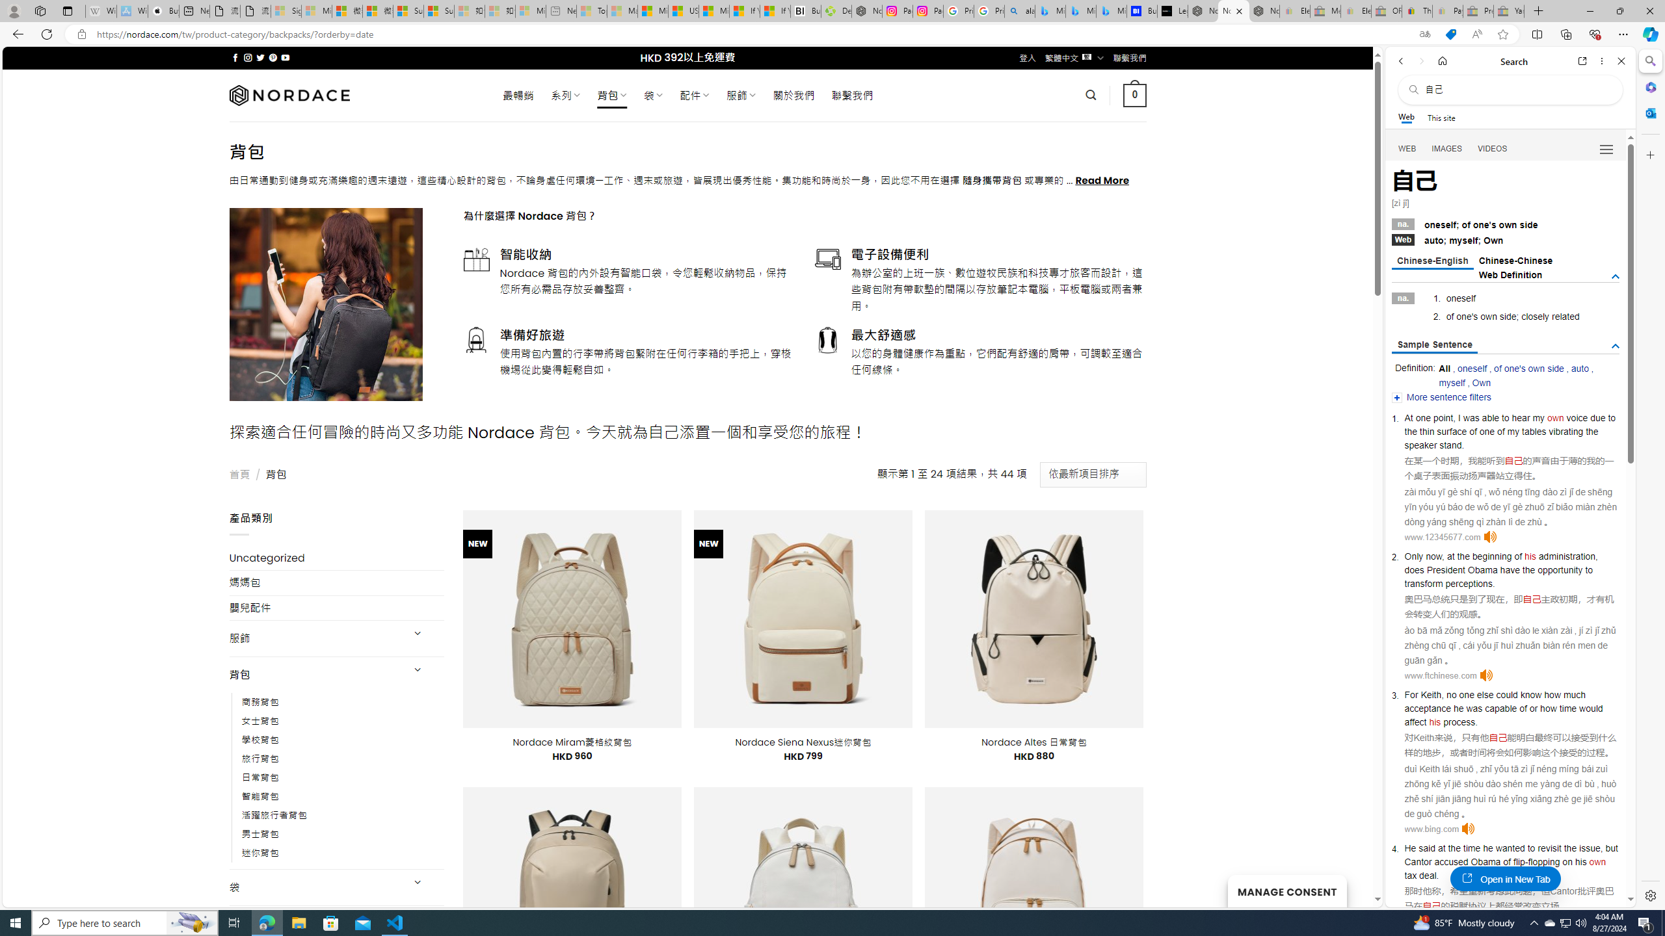 Image resolution: width=1665 pixels, height=936 pixels. What do you see at coordinates (1588, 848) in the screenshot?
I see `'issue'` at bounding box center [1588, 848].